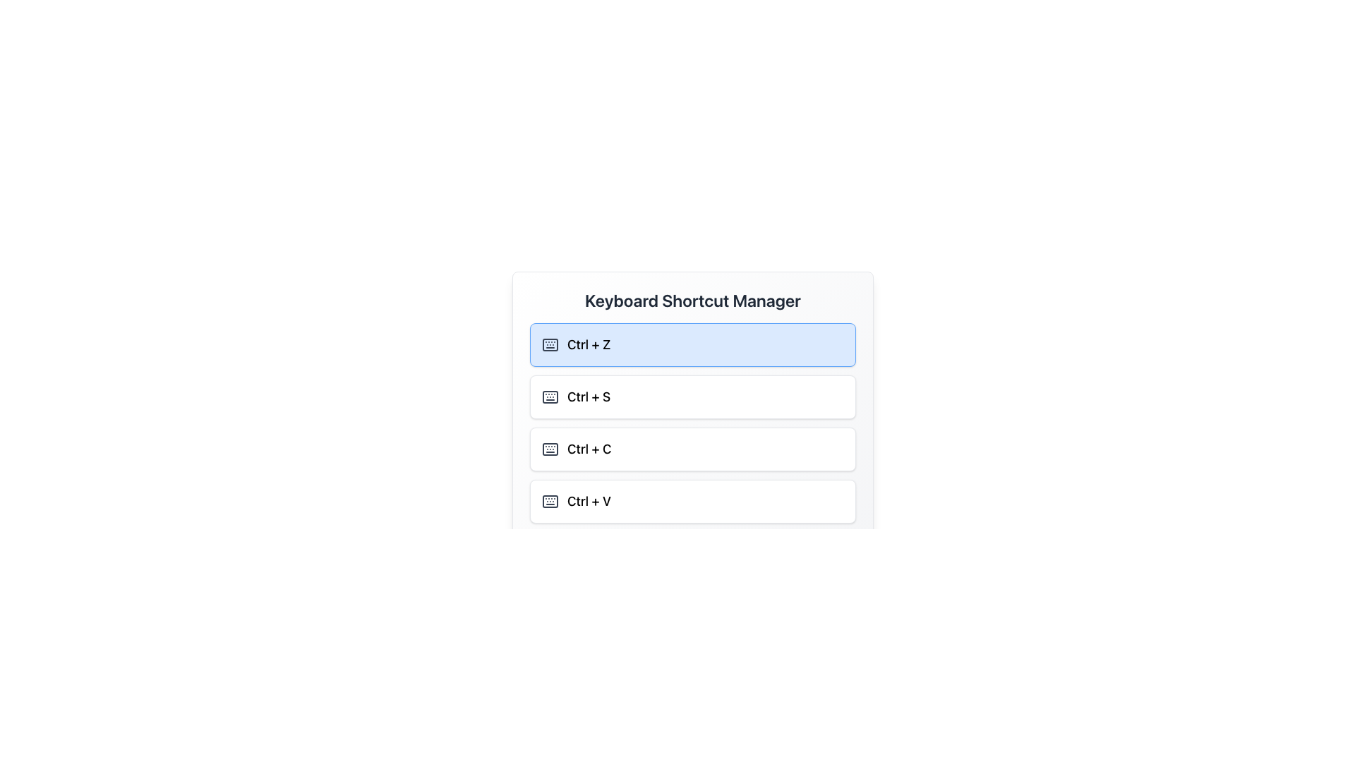 This screenshot has width=1355, height=762. I want to click on the topmost button labeled 'Ctrl + Z' in the Keyboard Shortcut Manager list, so click(693, 345).